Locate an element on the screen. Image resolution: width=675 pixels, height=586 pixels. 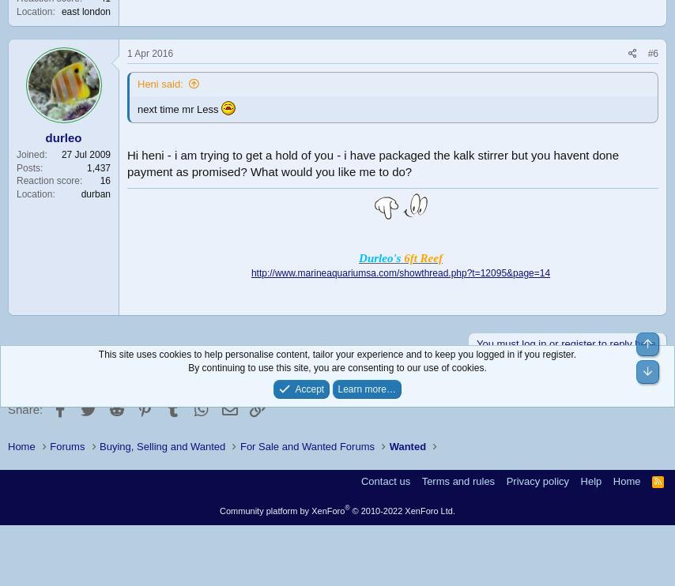
'New posts' is located at coordinates (343, 381).